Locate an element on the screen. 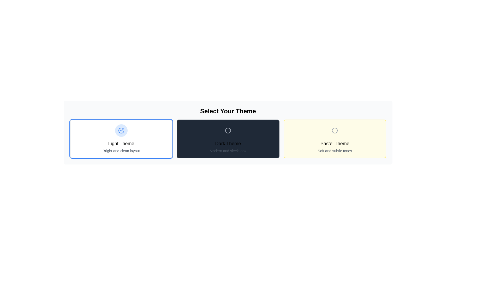 Image resolution: width=501 pixels, height=282 pixels. the 'Pastel Theme' text label, which is styled with a large font size and medium weight, located in a yellow-toned rectangular section, part of the theme selection options is located at coordinates (335, 144).